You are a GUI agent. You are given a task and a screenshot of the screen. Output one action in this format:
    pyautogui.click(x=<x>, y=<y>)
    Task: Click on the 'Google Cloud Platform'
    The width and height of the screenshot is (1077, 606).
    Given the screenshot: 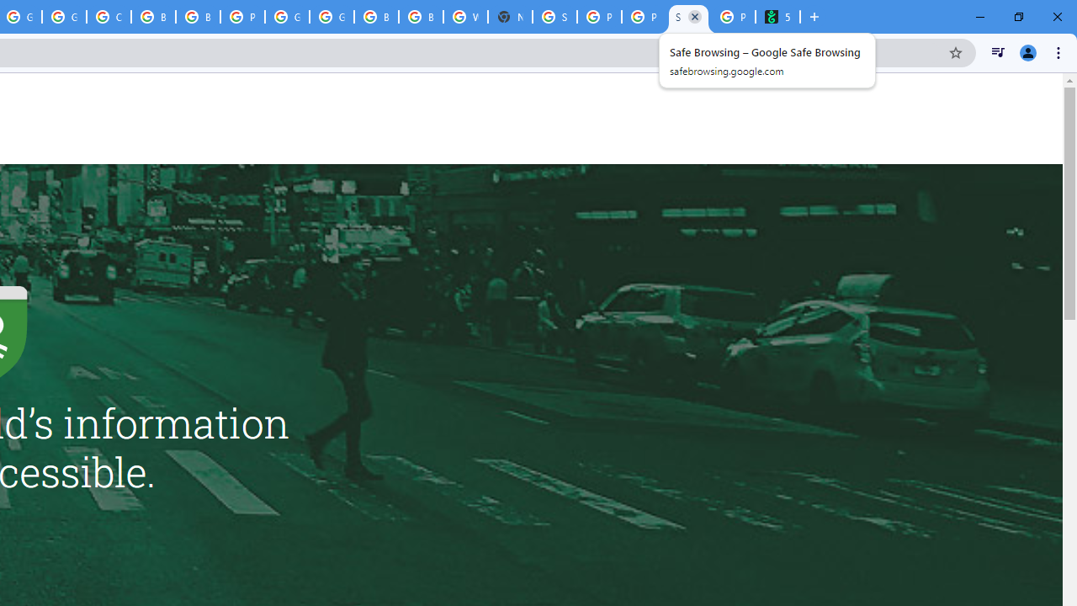 What is the action you would take?
    pyautogui.click(x=332, y=17)
    